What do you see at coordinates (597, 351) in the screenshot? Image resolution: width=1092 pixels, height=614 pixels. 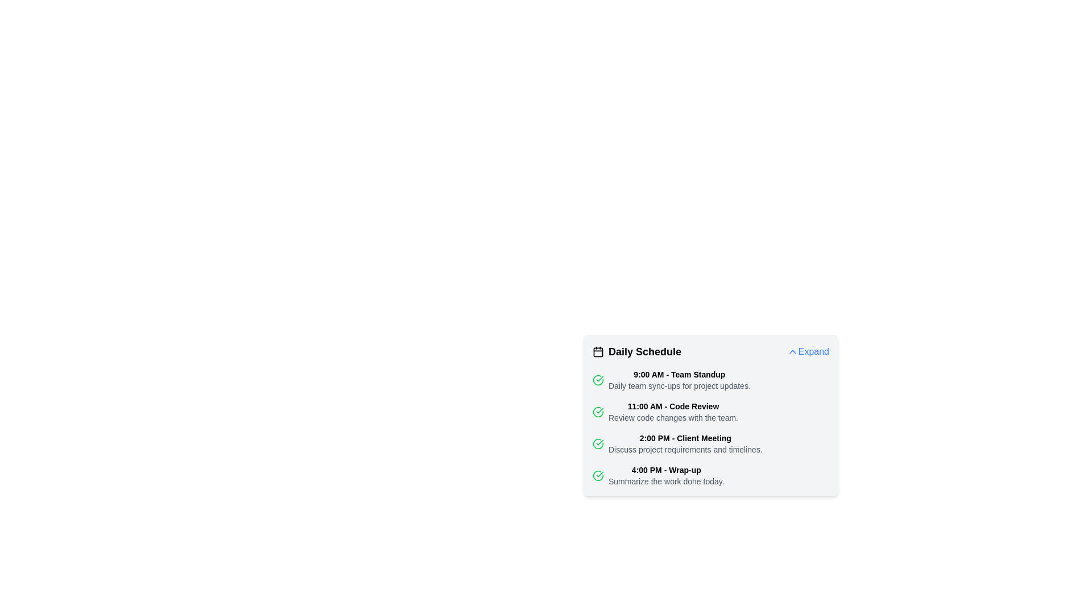 I see `the calendar icon located to the left of the 'Daily Schedule' text` at bounding box center [597, 351].